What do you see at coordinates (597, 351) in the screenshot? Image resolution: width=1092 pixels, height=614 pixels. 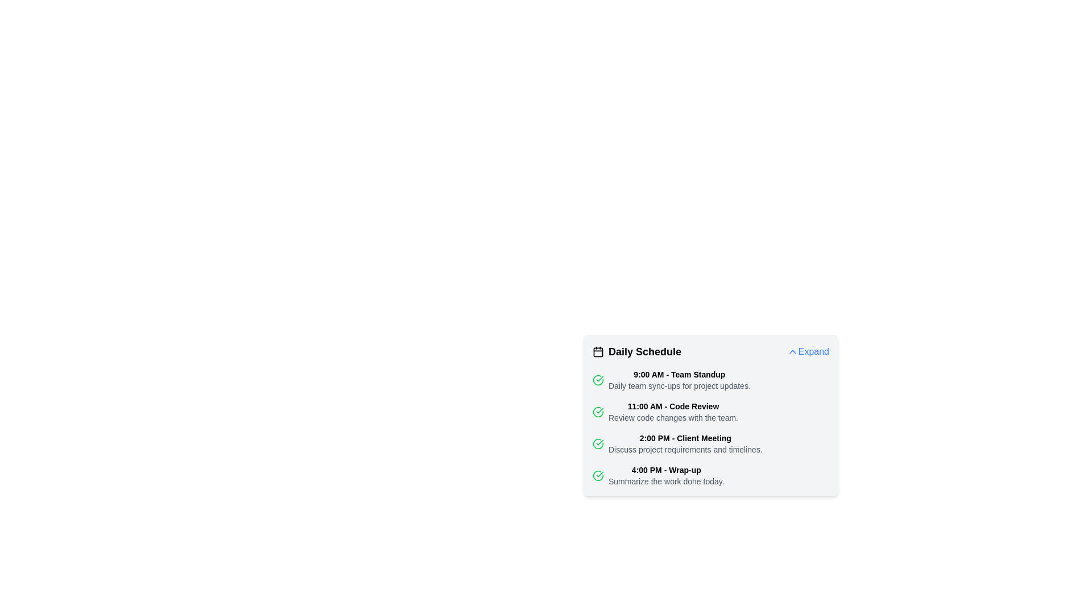 I see `the calendar icon located to the left of the 'Daily Schedule' text` at bounding box center [597, 351].